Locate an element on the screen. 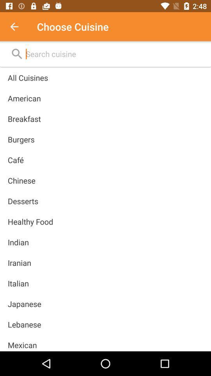 This screenshot has width=211, height=376. japanese is located at coordinates (24, 304).